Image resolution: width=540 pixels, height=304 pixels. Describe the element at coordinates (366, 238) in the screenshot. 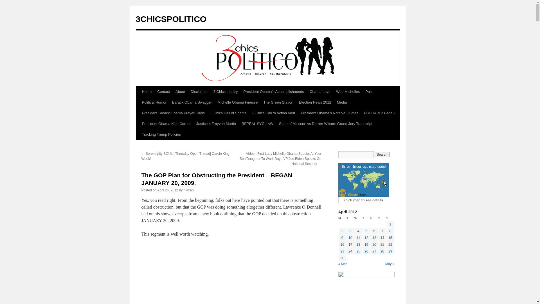

I see `'12'` at that location.